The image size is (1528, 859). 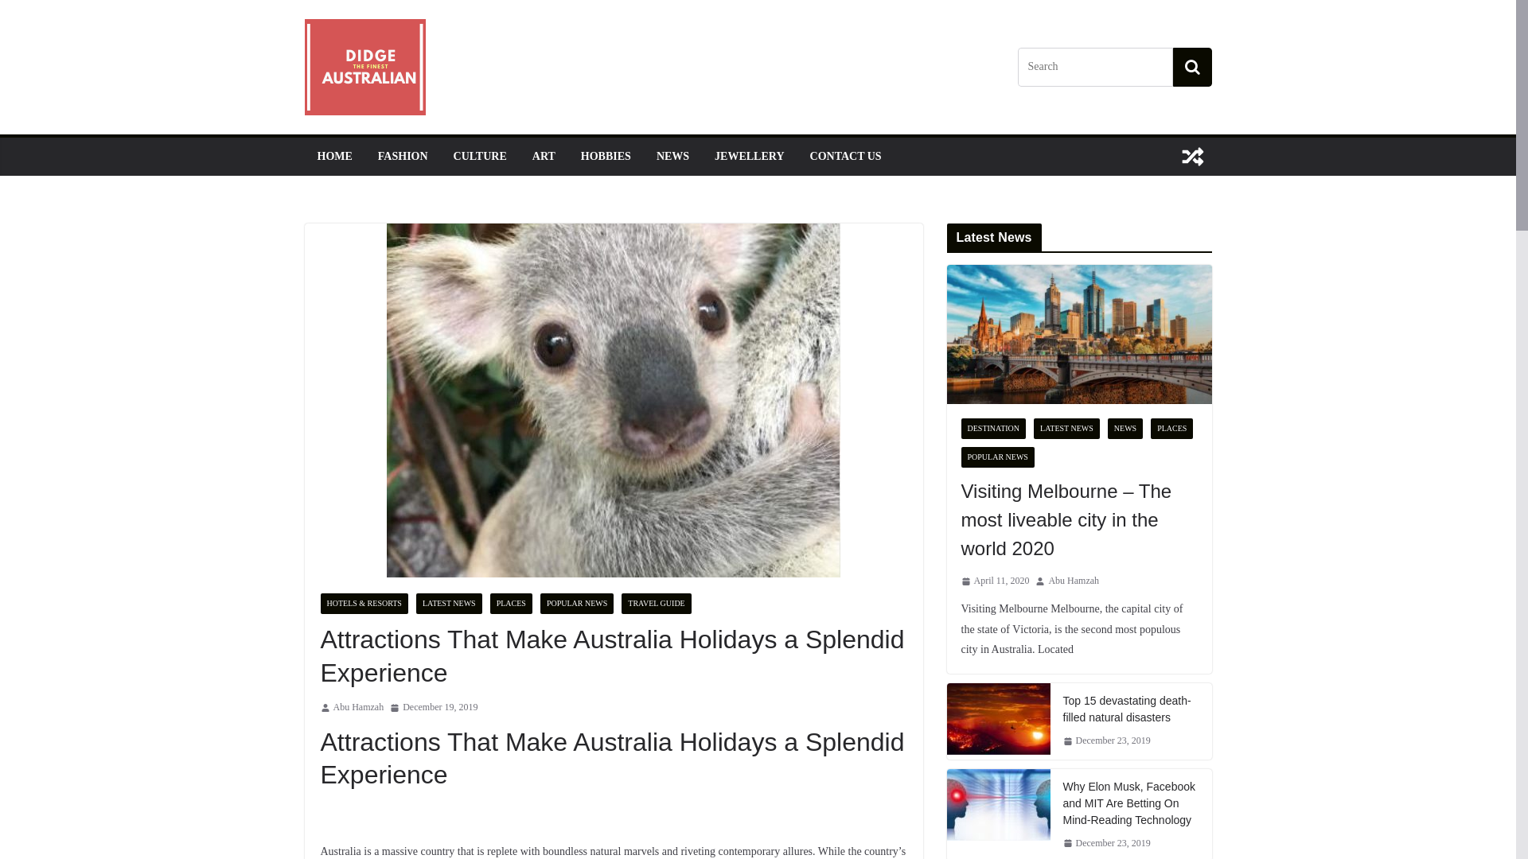 What do you see at coordinates (656, 604) in the screenshot?
I see `'TRAVEL GUIDE'` at bounding box center [656, 604].